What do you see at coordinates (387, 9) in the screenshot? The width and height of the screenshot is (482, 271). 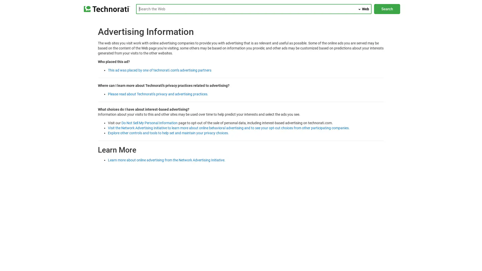 I see `Search` at bounding box center [387, 9].